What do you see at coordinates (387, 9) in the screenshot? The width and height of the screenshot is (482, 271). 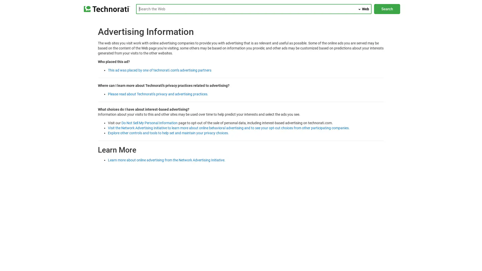 I see `Search` at bounding box center [387, 9].